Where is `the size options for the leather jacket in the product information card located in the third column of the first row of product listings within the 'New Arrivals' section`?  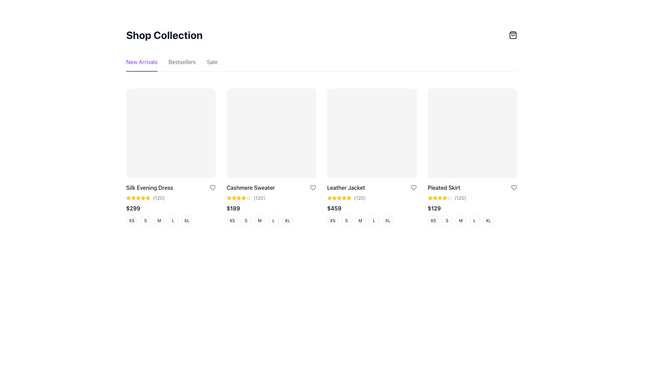 the size options for the leather jacket in the product information card located in the third column of the first row of product listings within the 'New Arrivals' section is located at coordinates (371, 204).